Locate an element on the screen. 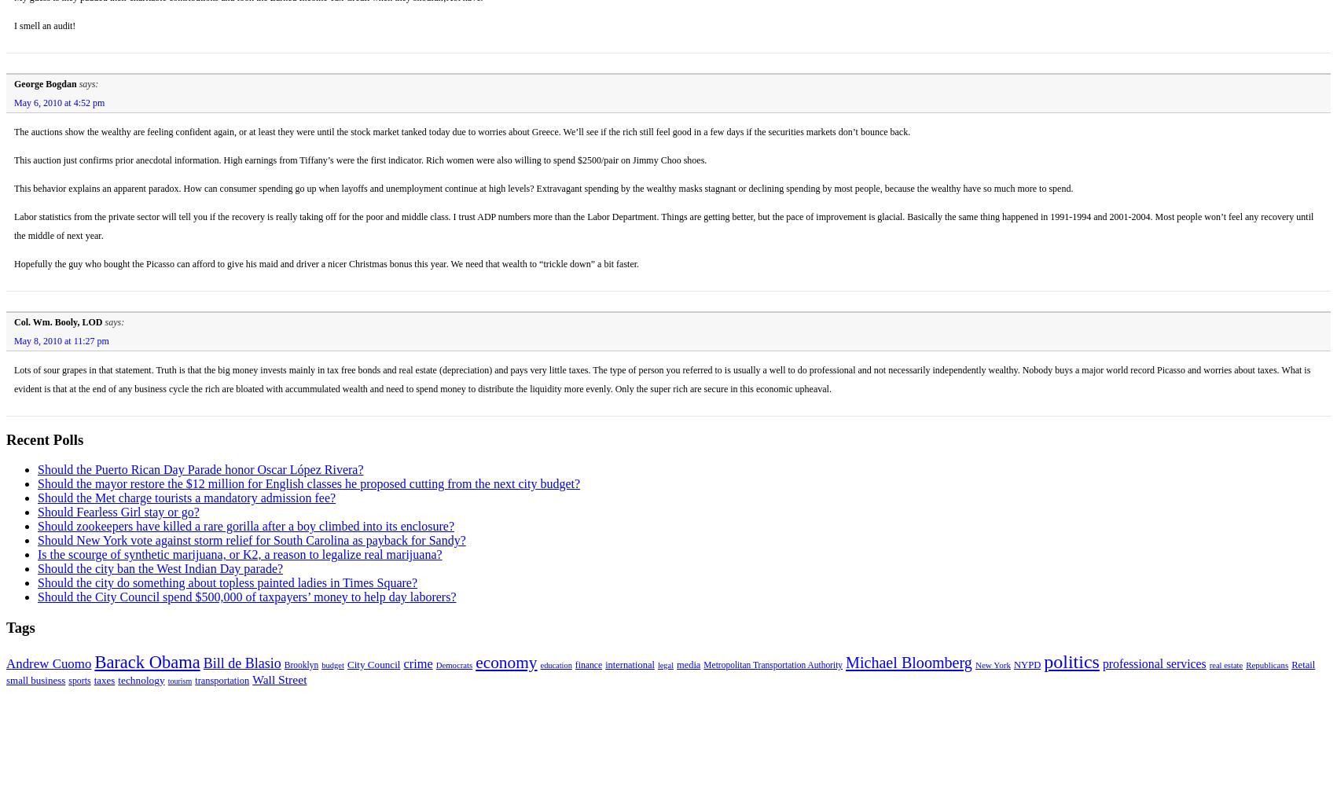 This screenshot has width=1337, height=786. 'taxes' is located at coordinates (103, 678).